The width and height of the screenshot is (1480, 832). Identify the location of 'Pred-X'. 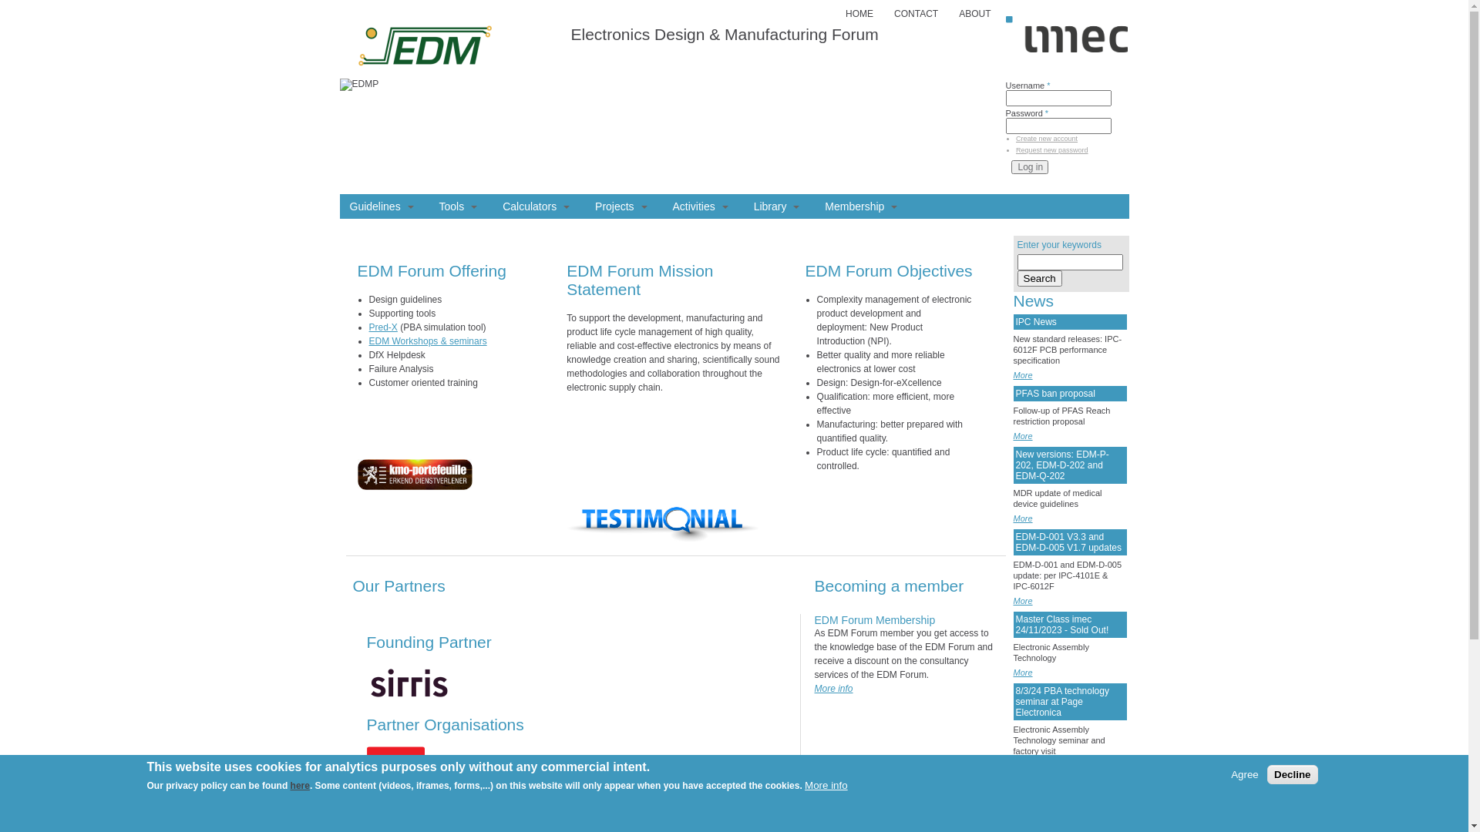
(382, 326).